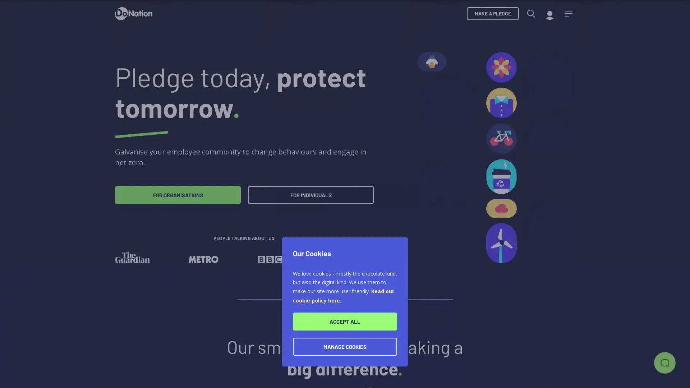 This screenshot has width=690, height=388. I want to click on My account, so click(549, 14).